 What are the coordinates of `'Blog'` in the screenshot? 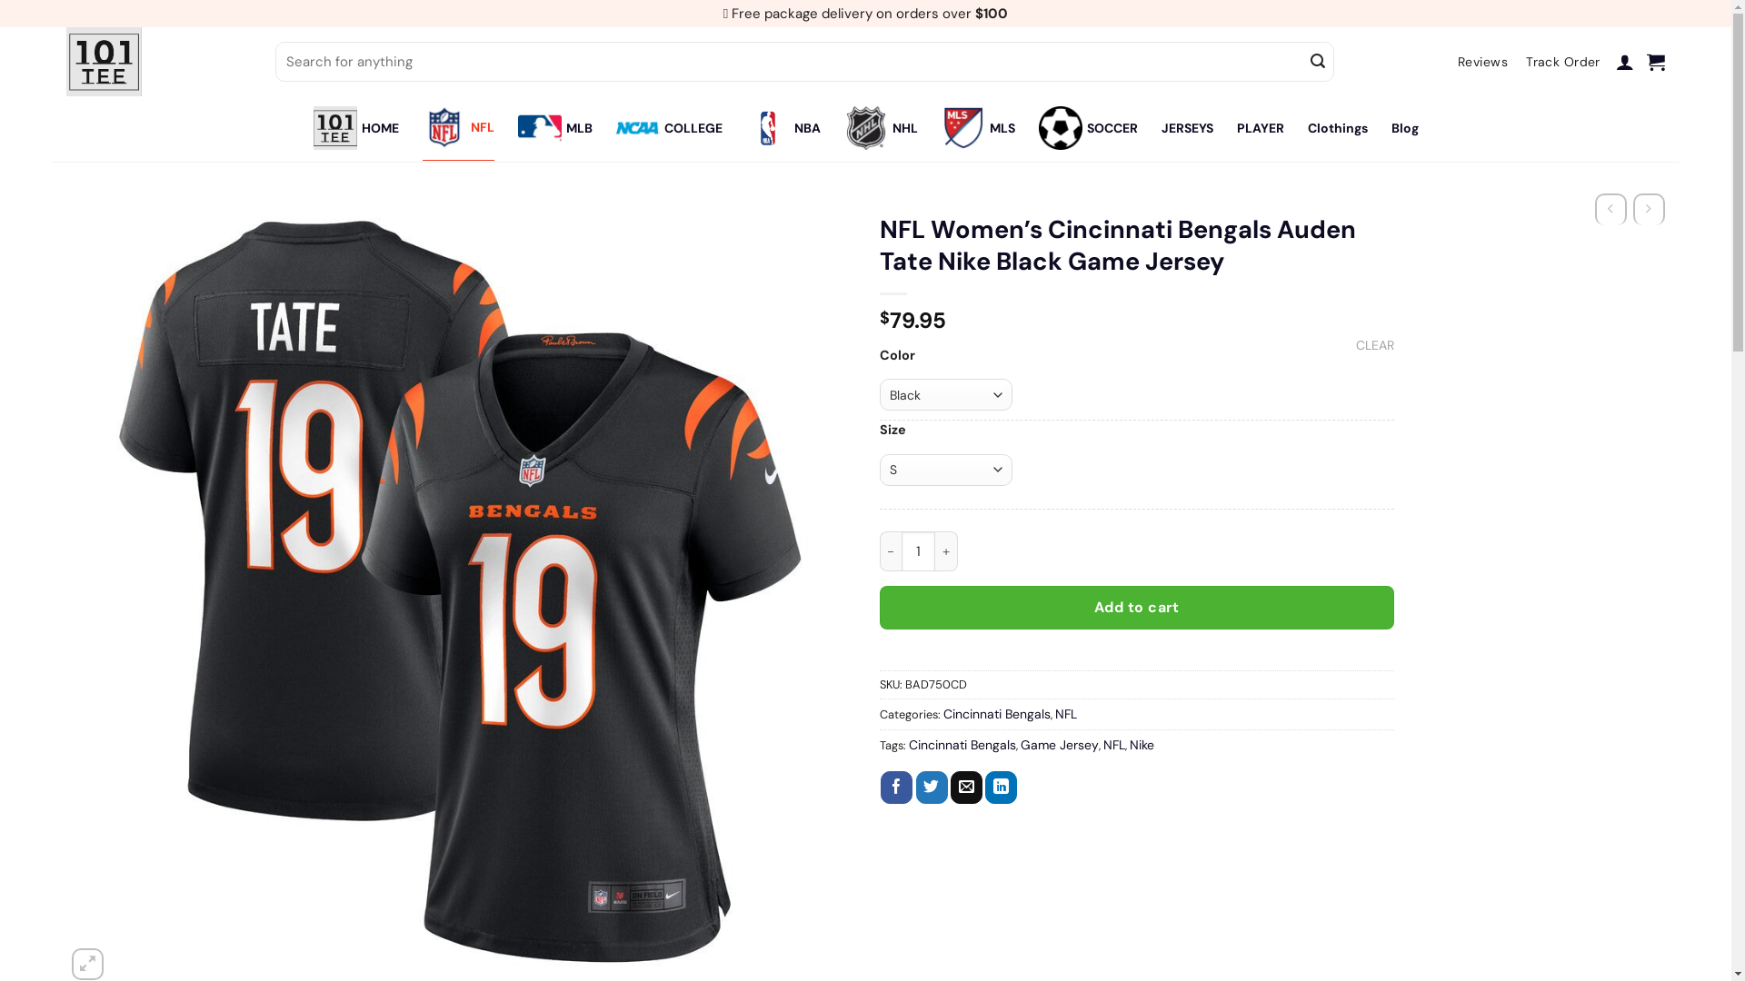 It's located at (1403, 127).